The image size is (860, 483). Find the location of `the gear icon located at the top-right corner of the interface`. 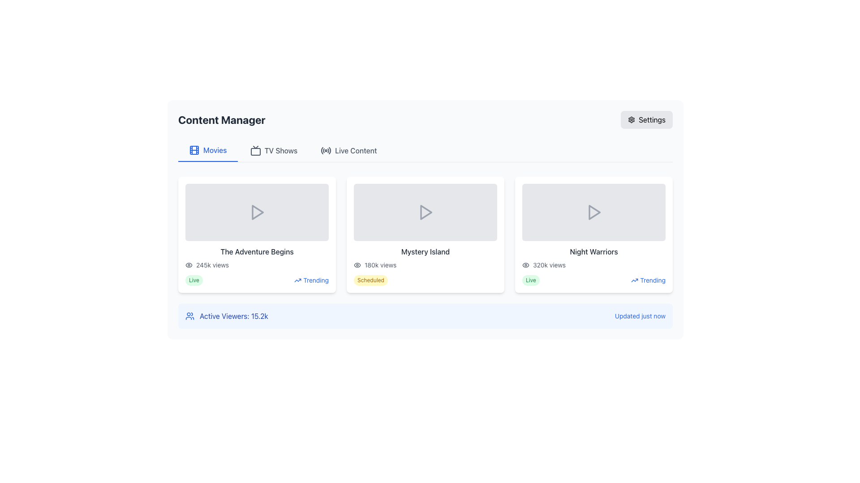

the gear icon located at the top-right corner of the interface is located at coordinates (631, 119).